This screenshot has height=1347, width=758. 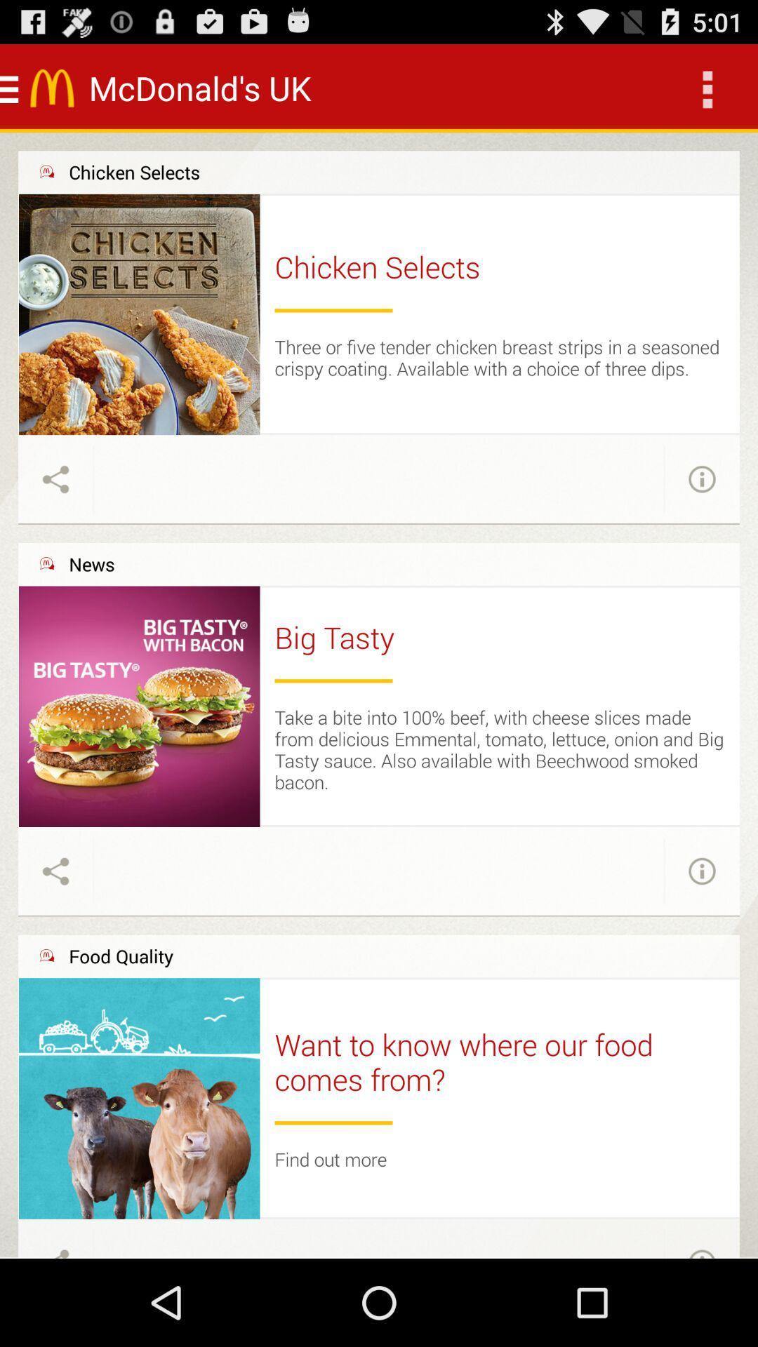 I want to click on the food quality item, so click(x=120, y=956).